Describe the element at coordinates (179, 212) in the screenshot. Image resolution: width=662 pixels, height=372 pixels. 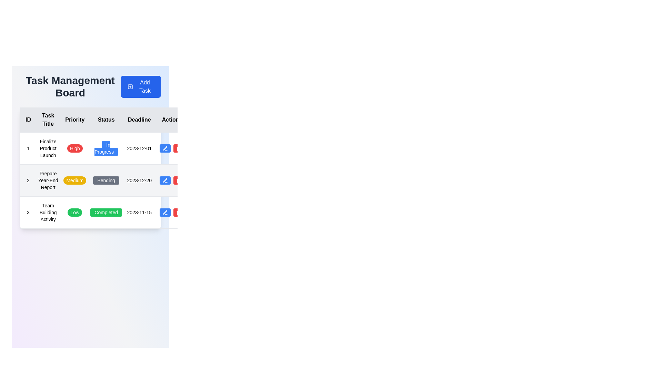
I see `the delete button located in the 'Actions' column of the third row in the task table` at that location.